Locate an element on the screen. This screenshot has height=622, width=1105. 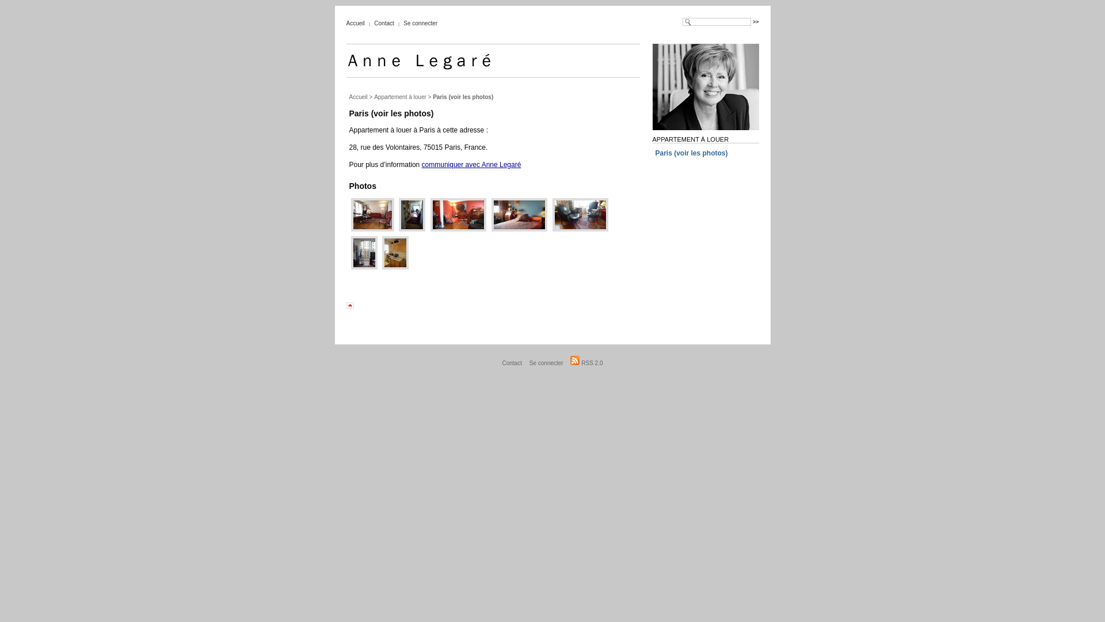
' RSS 2.0' is located at coordinates (586, 363).